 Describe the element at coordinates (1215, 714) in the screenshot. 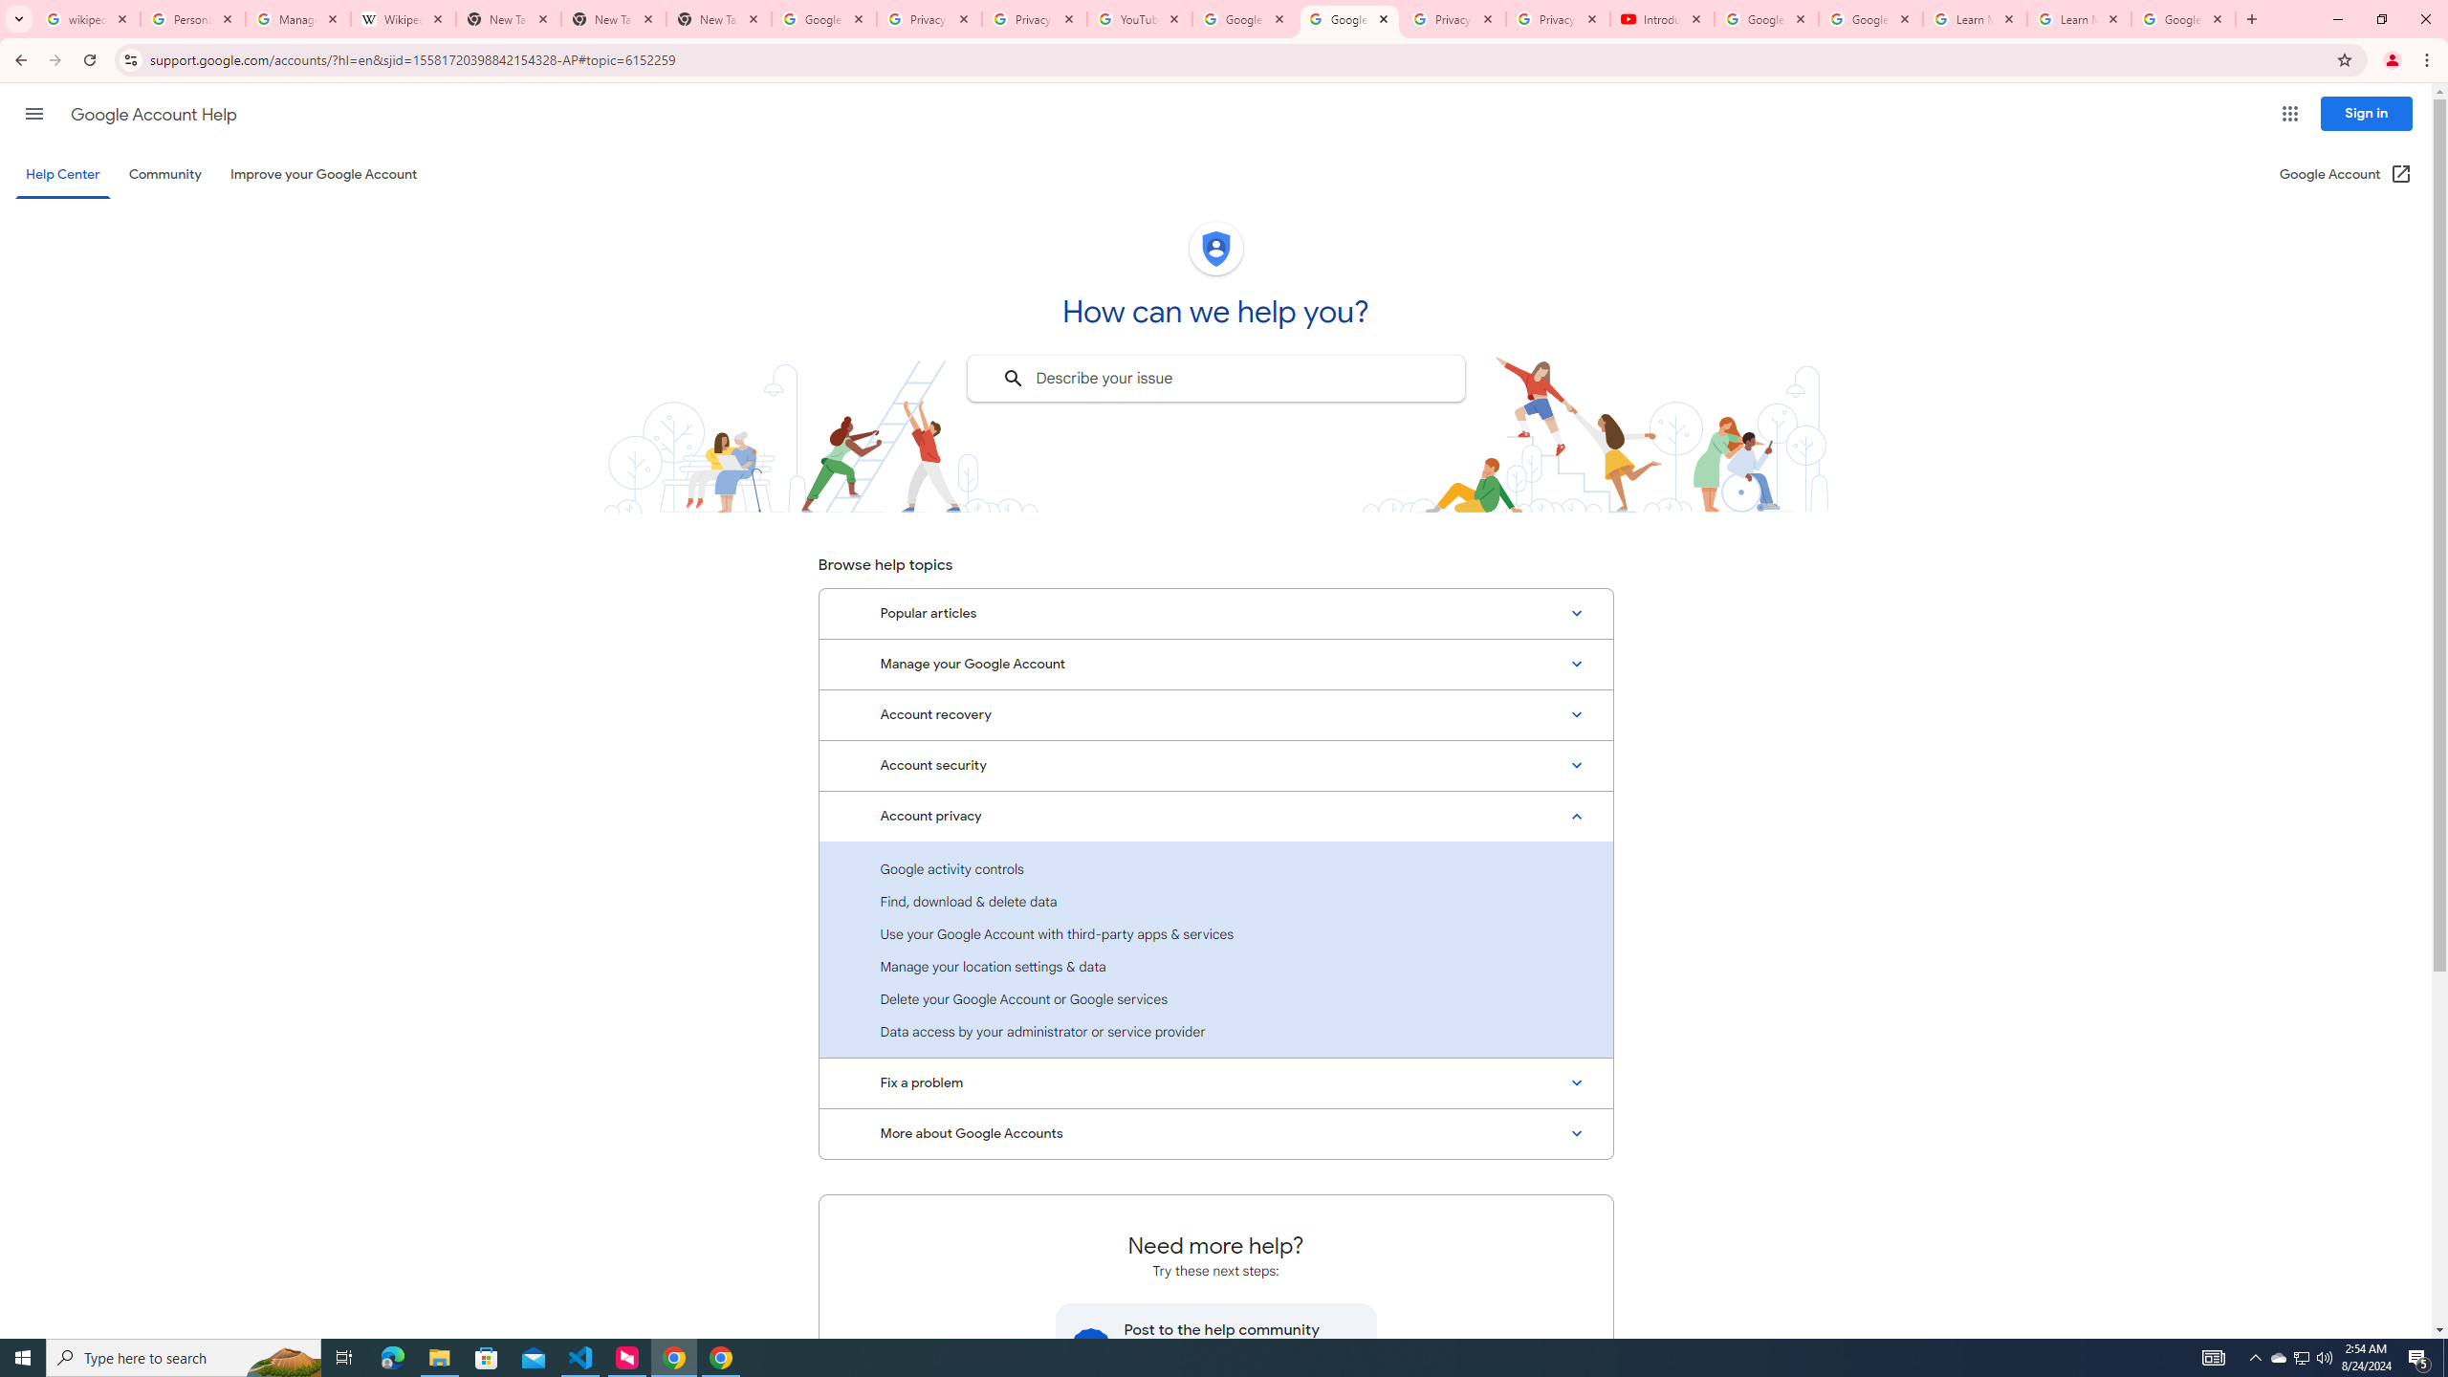

I see `'Account recovery'` at that location.